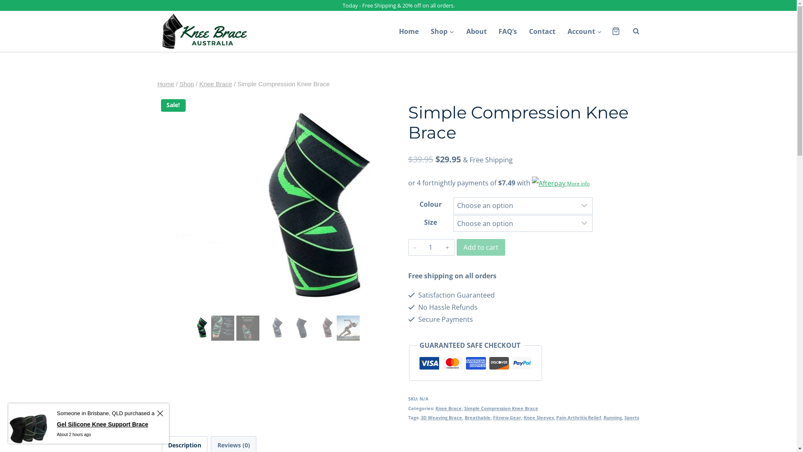  Describe the element at coordinates (538, 417) in the screenshot. I see `'Knee Sleeves'` at that location.